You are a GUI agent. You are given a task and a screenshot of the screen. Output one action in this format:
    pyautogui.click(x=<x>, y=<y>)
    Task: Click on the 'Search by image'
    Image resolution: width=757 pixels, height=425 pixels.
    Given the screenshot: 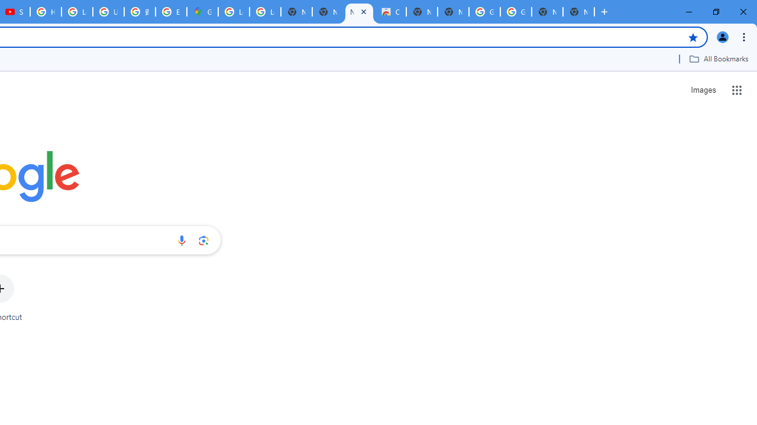 What is the action you would take?
    pyautogui.click(x=203, y=240)
    